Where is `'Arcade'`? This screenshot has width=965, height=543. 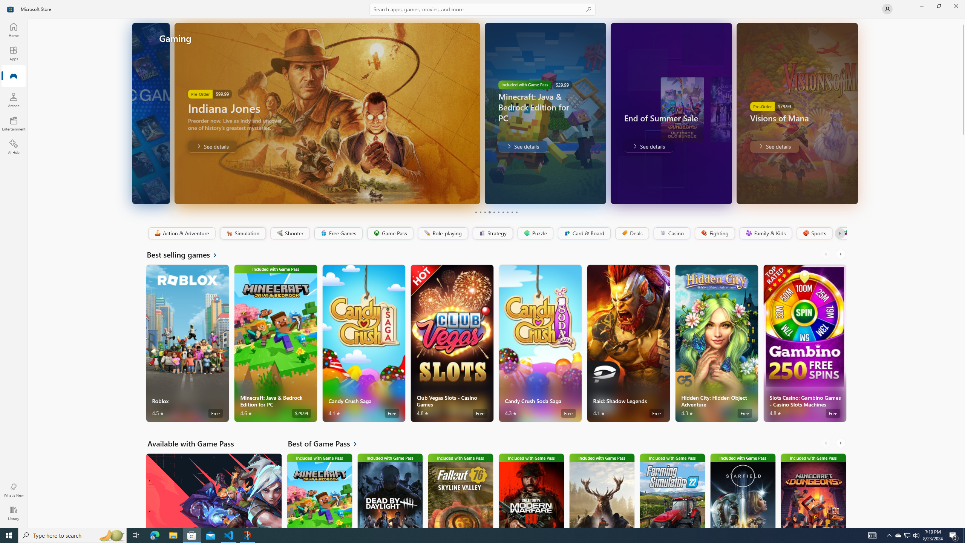 'Arcade' is located at coordinates (13, 100).